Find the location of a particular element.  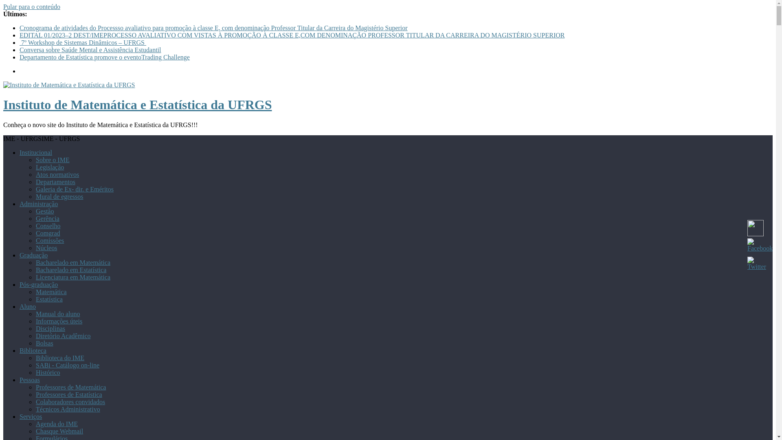

'Institucional' is located at coordinates (35, 152).